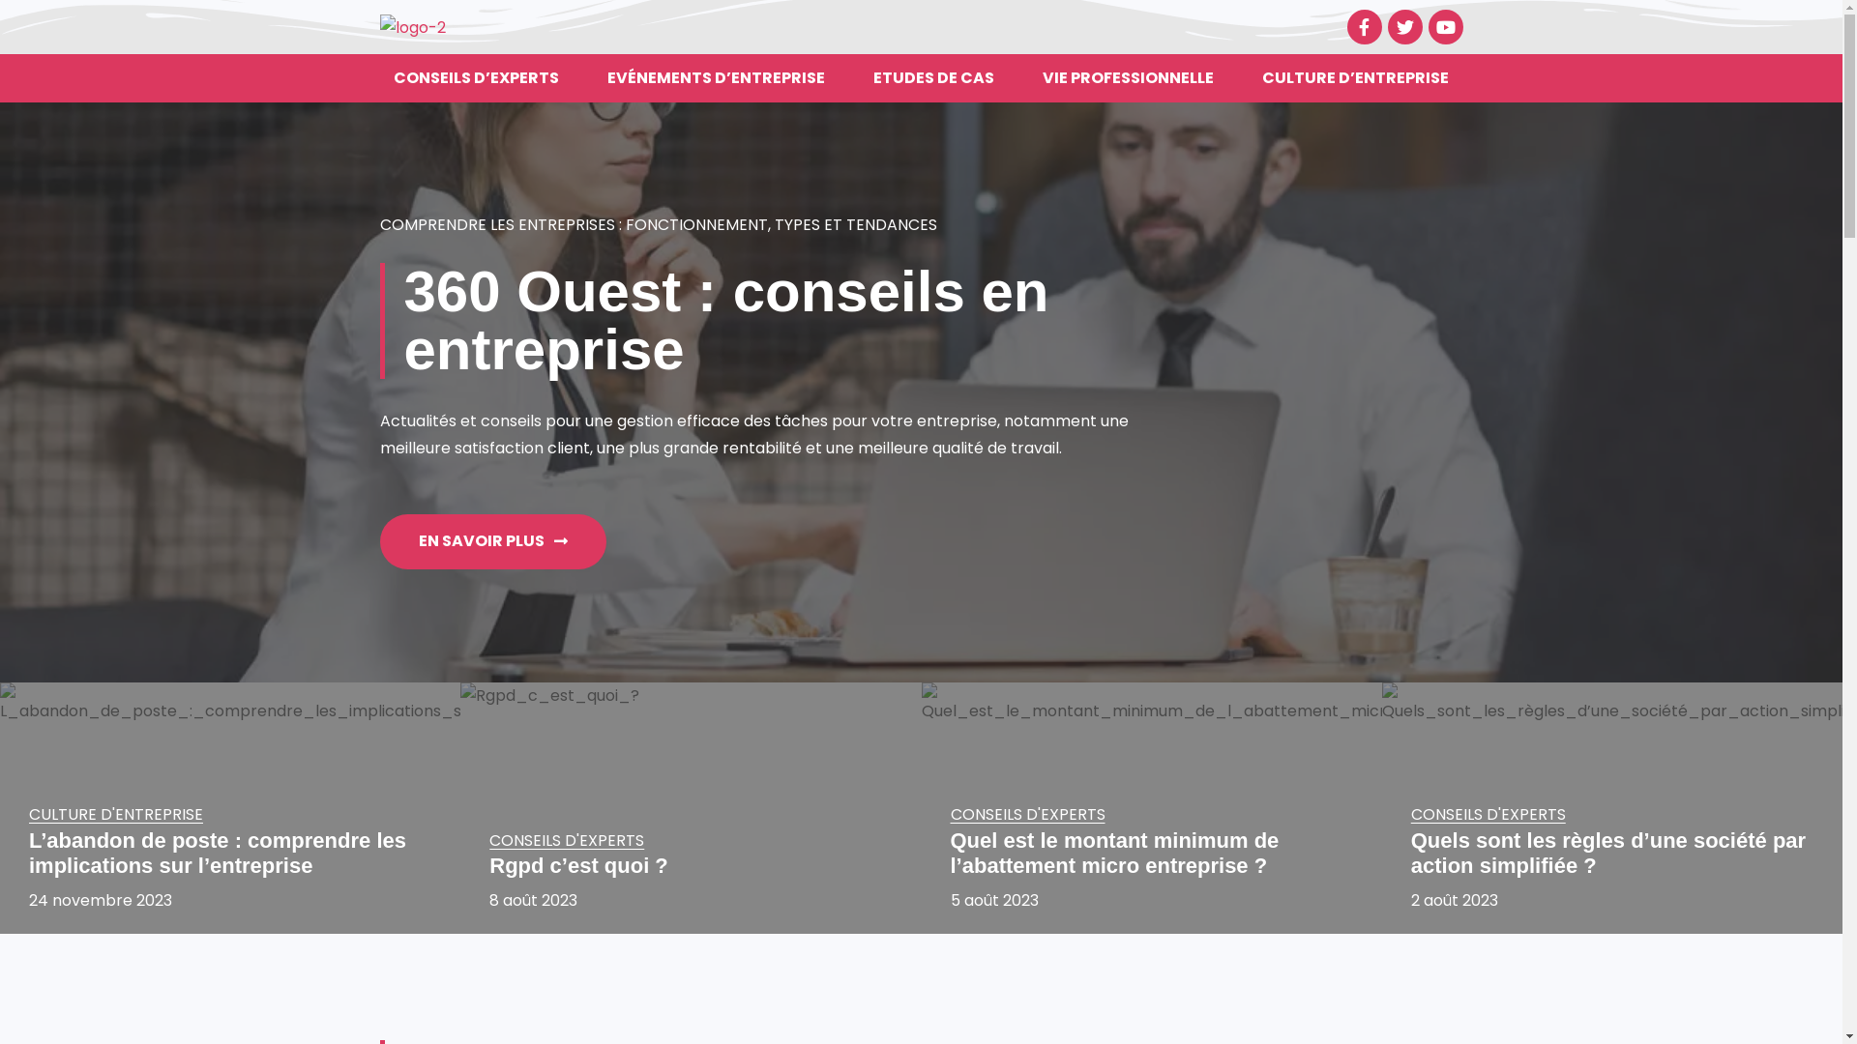 The image size is (1857, 1044). What do you see at coordinates (565, 839) in the screenshot?
I see `'CONSEILS D'EXPERTS'` at bounding box center [565, 839].